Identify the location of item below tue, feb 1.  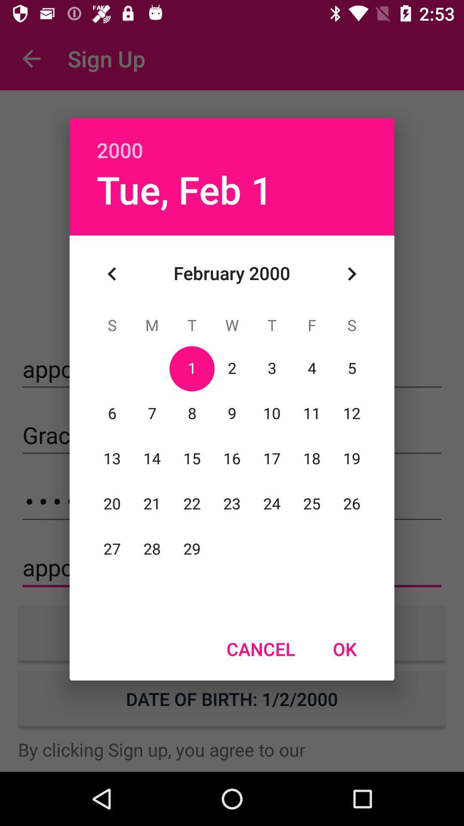
(112, 273).